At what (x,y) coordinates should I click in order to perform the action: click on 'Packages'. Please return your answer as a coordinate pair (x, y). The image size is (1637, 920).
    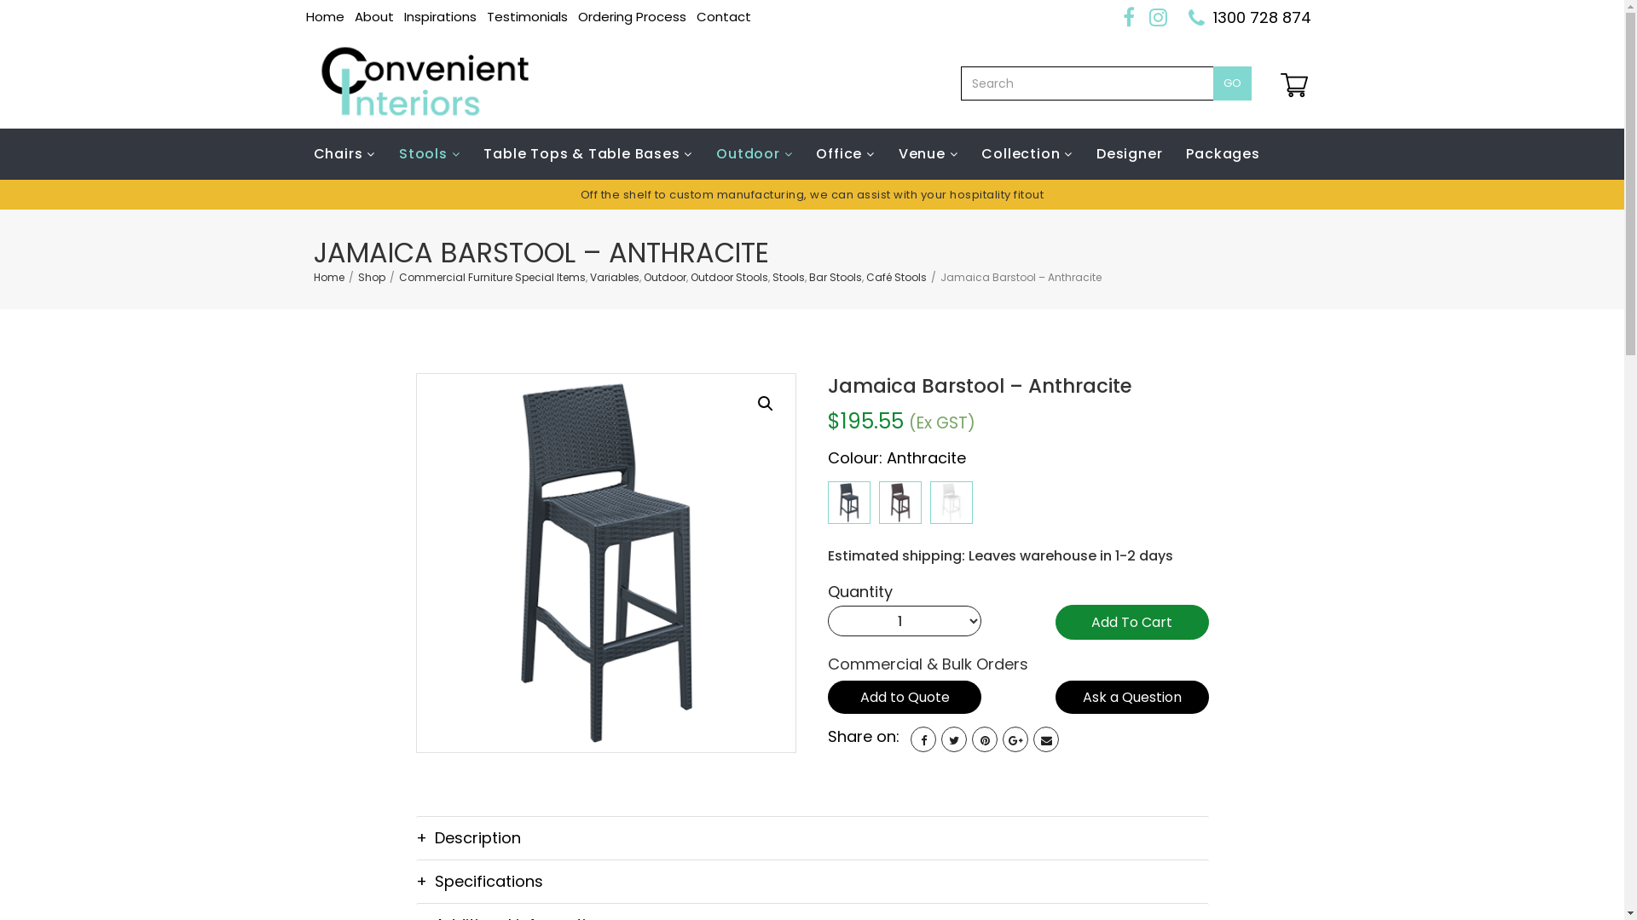
    Looking at the image, I should click on (1222, 154).